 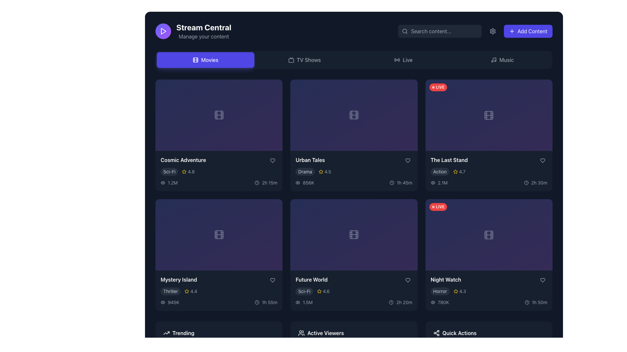 I want to click on the play button located in the highlighted card for 'Mystery Island', positioned in the third row and first column in the grid view, so click(x=219, y=260).